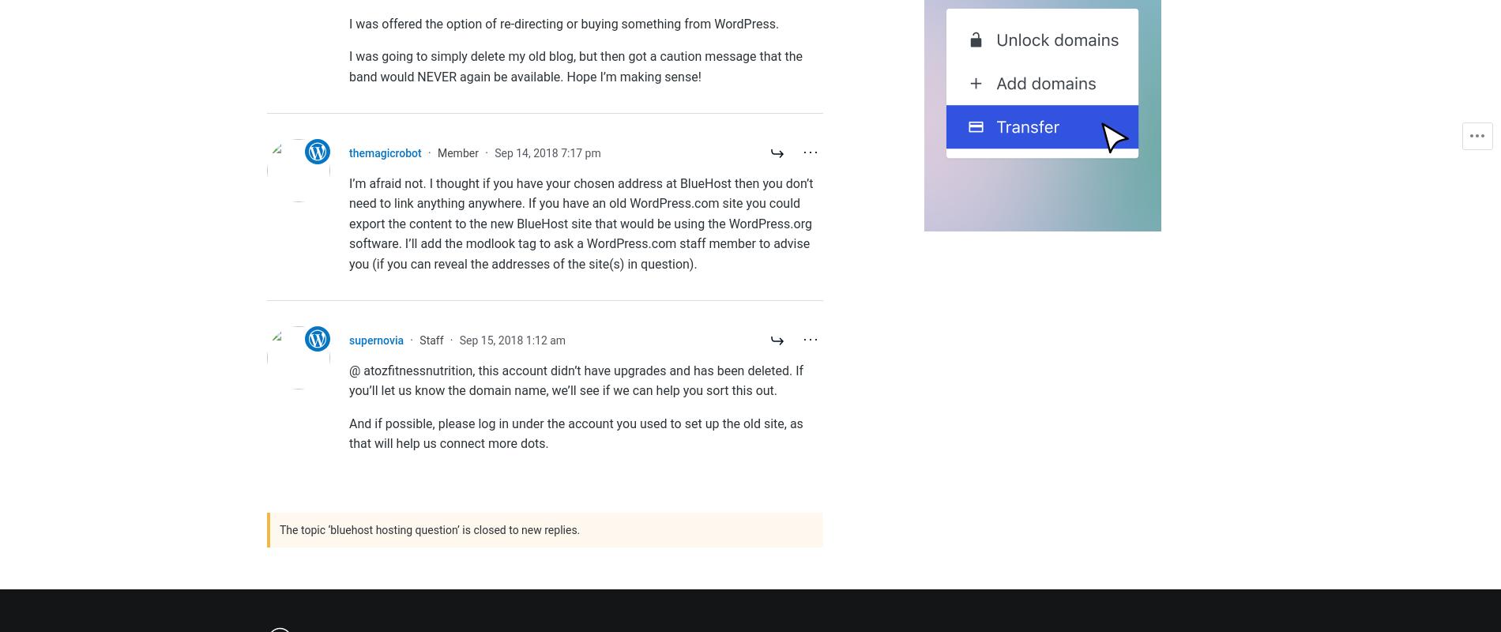  Describe the element at coordinates (376, 340) in the screenshot. I see `'supernovia'` at that location.